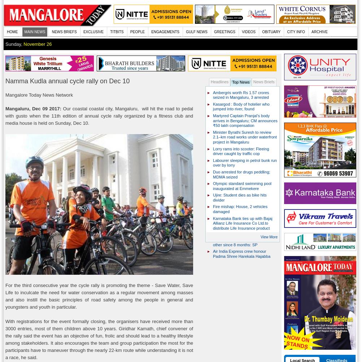 Image resolution: width=361 pixels, height=362 pixels. I want to click on 'Our coastal coastal city, Mangaluru,  will hit the road to pedal with gusto when the 11th edition of annual cycle rally organized by a fitness club and media house is held on Sunday, Dec 10.', so click(99, 115).